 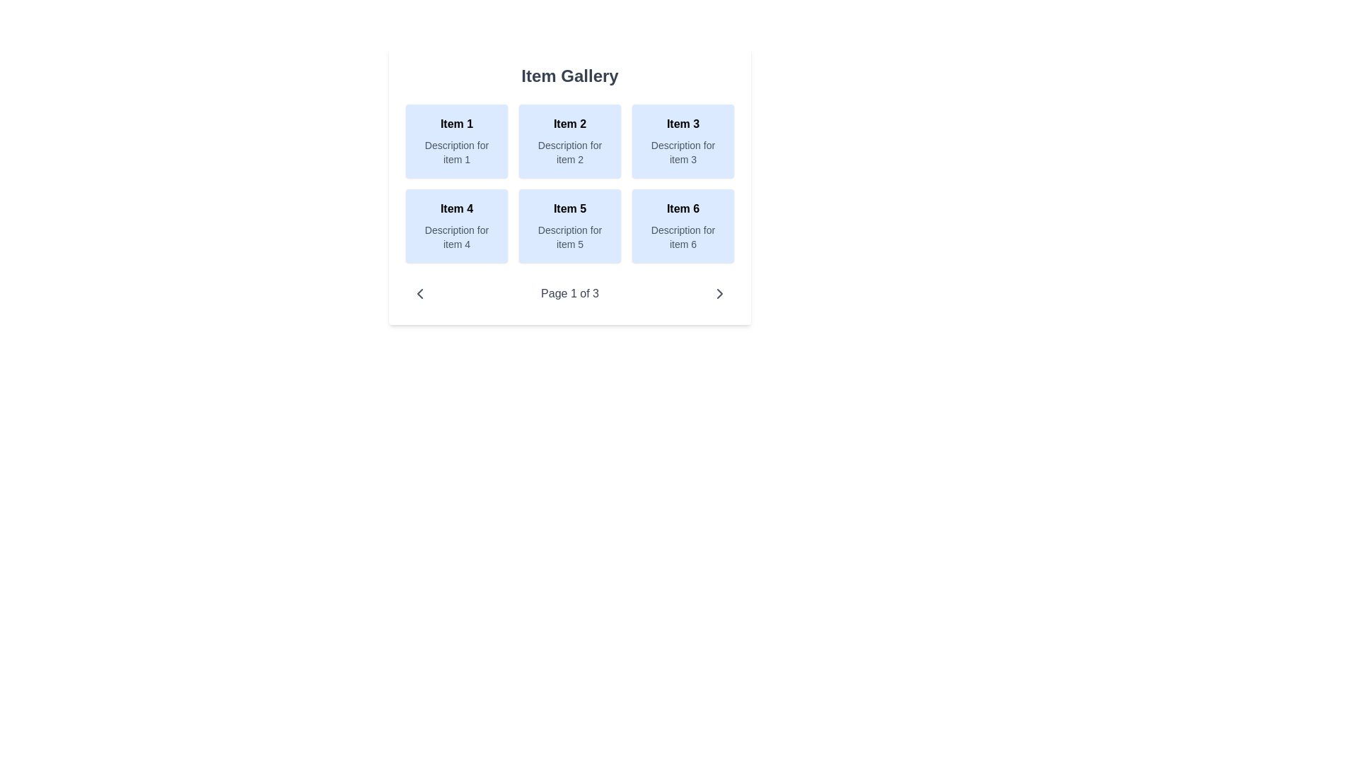 I want to click on text displayed in the pagination control labeled 'Page 1 of 3', which is located at the bottom of a card layout and is centrally positioned below the grid of items, so click(x=570, y=293).